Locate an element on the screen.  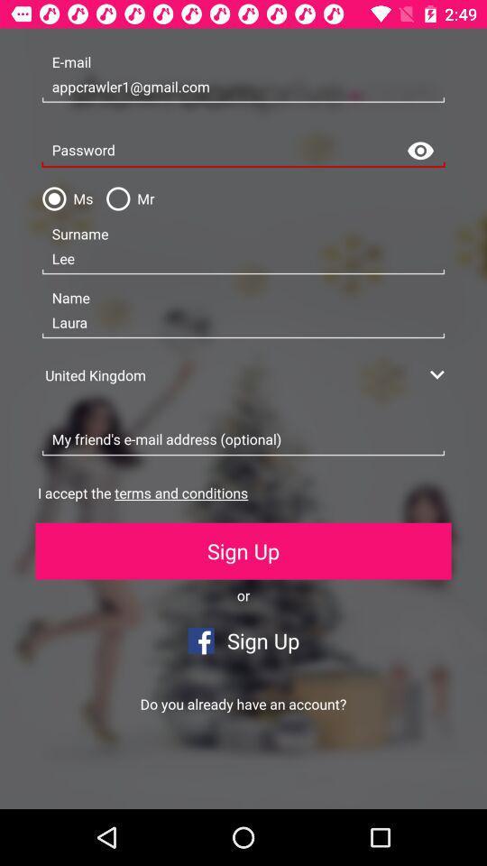
the icon below the lee item is located at coordinates (243, 323).